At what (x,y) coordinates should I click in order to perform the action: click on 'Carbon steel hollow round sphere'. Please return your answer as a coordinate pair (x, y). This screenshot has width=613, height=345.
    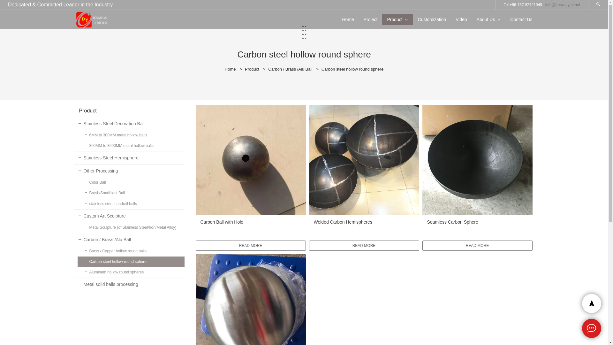
    Looking at the image, I should click on (130, 262).